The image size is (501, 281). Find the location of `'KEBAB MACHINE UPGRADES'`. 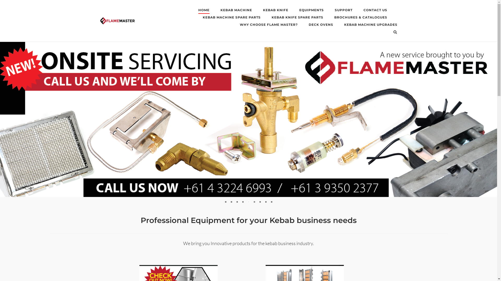

'KEBAB MACHINE UPGRADES' is located at coordinates (370, 25).